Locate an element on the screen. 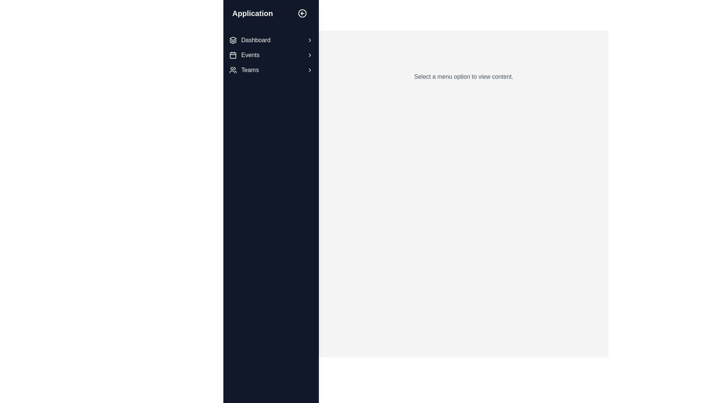 This screenshot has width=716, height=403. the icon representing a group of individuals, which is located to the left of the 'Teams' label in the sidebar menu, to trigger a tooltip is located at coordinates (232, 70).